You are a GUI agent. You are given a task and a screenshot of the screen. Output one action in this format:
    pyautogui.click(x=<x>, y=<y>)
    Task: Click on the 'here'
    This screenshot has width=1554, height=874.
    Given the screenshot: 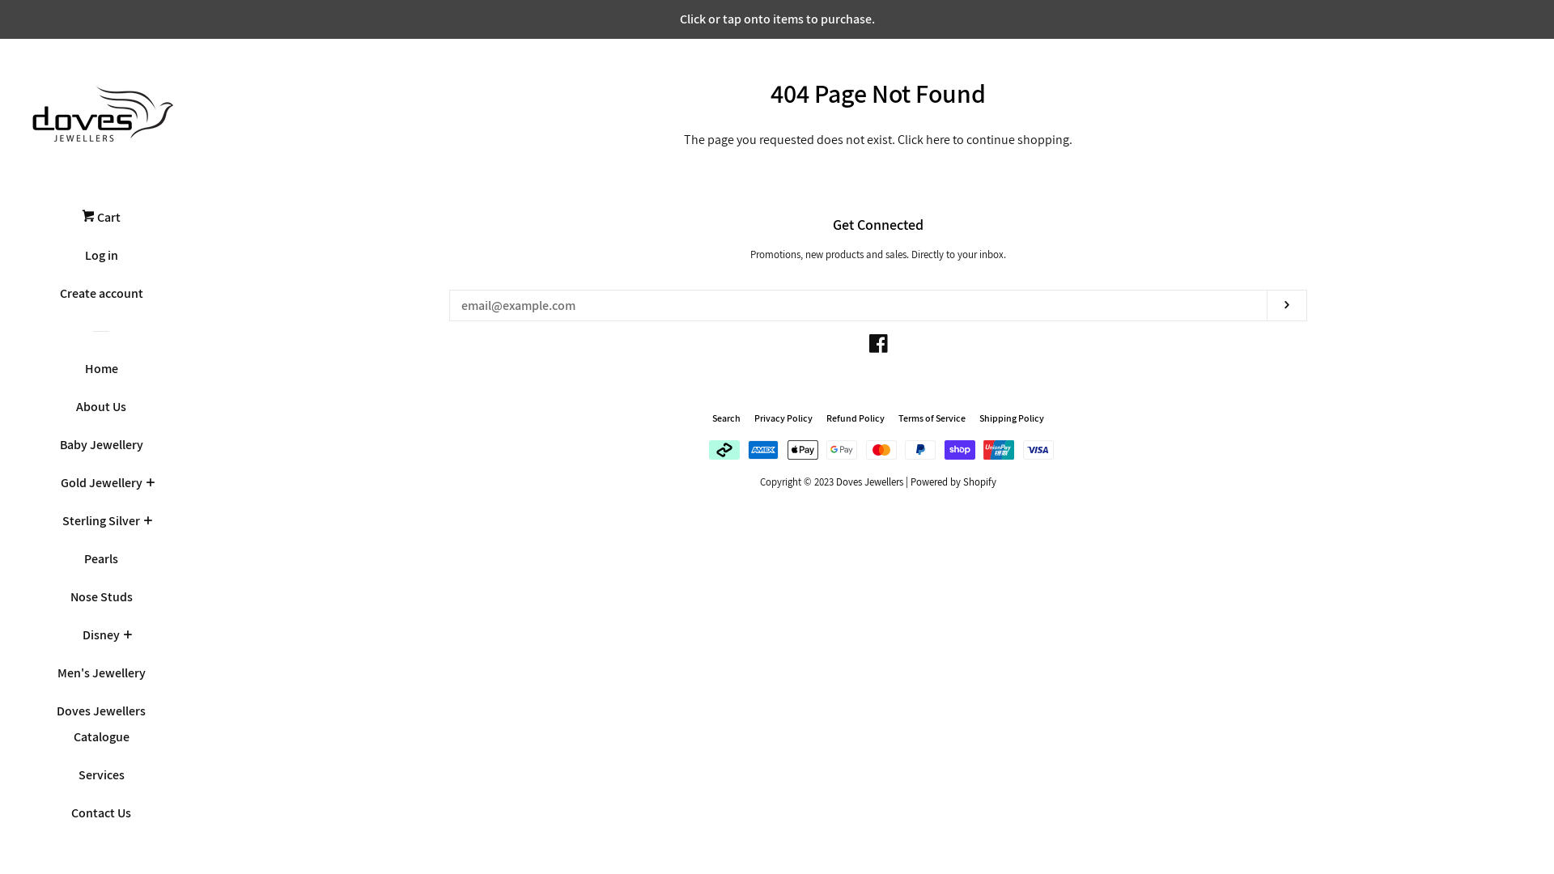 What is the action you would take?
    pyautogui.click(x=925, y=138)
    